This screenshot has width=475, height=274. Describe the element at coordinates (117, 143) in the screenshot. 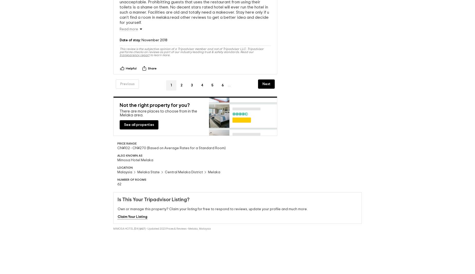

I see `'PRICE RANGE'` at that location.